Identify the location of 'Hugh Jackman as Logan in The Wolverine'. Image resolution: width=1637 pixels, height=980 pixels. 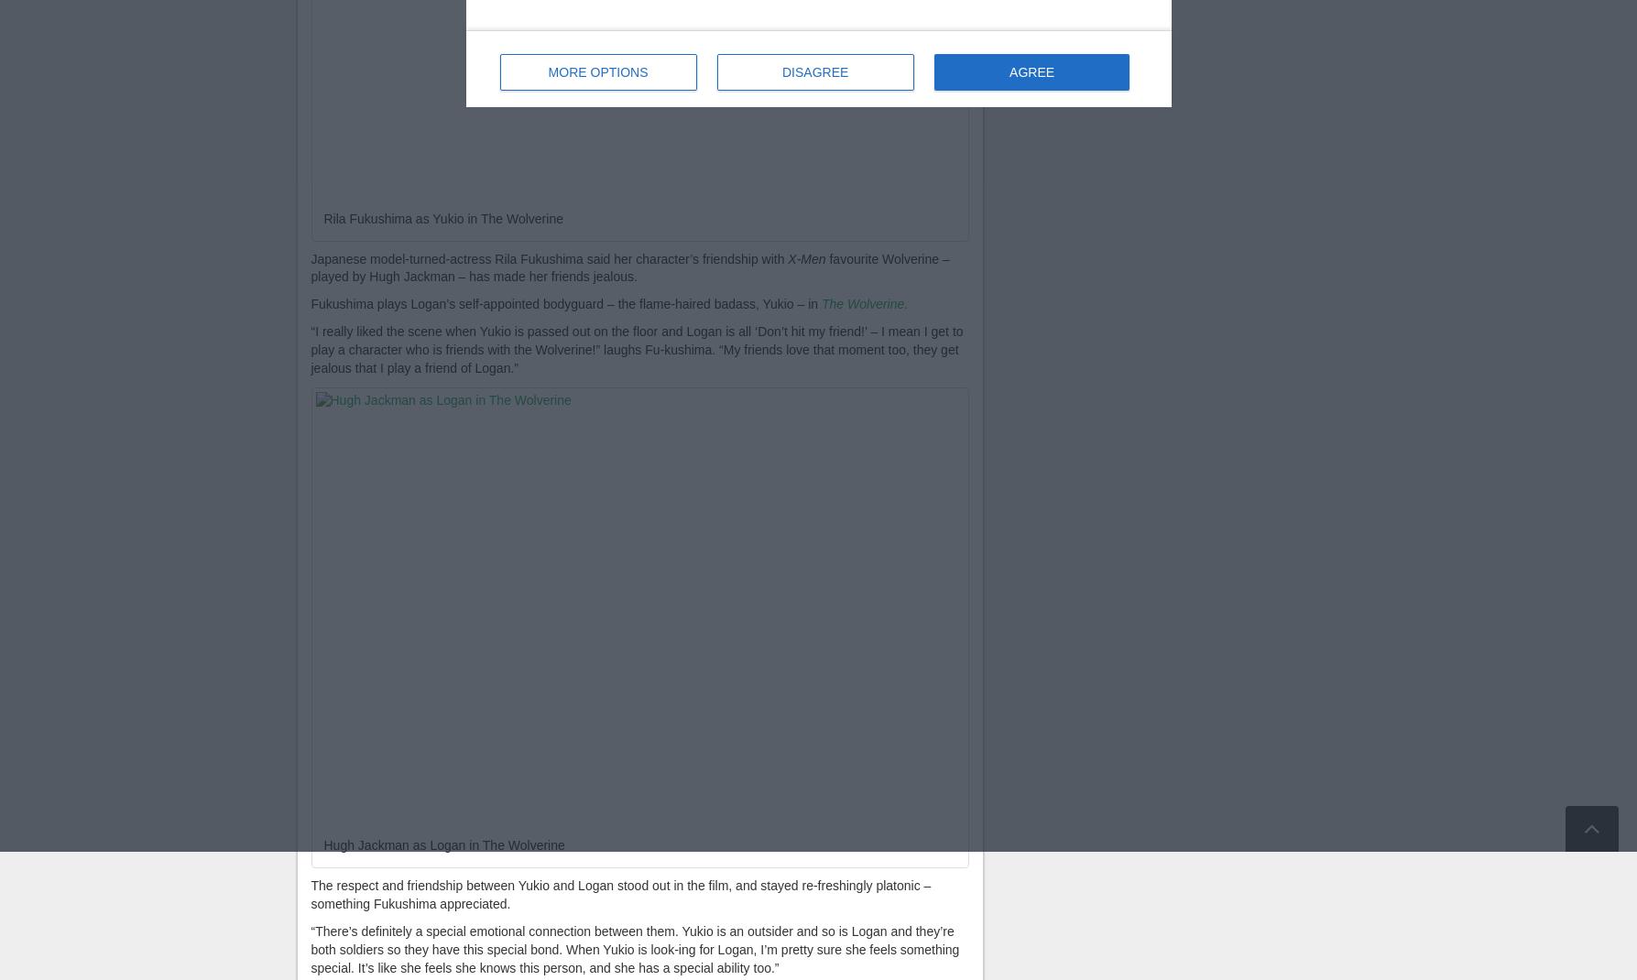
(443, 844).